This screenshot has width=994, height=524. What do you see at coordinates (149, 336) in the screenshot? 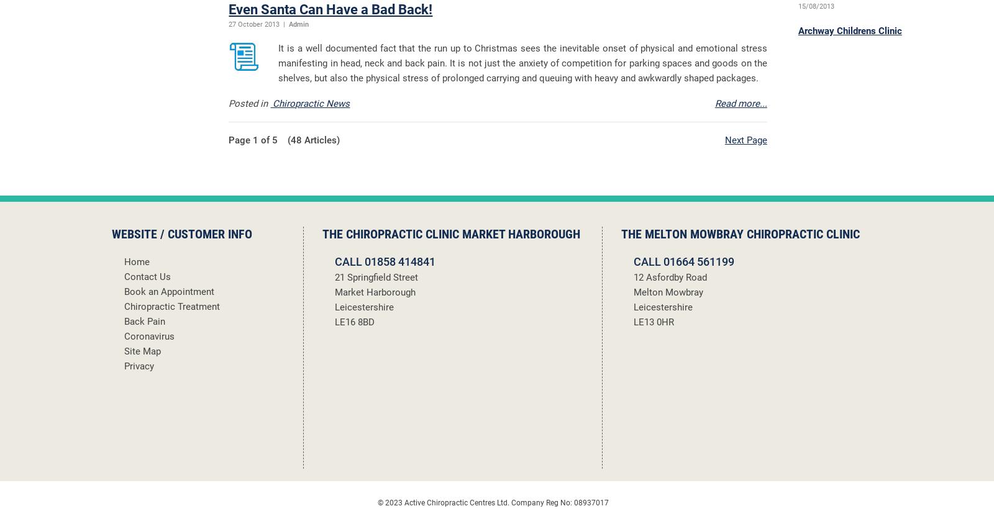
I see `'Coronavirus'` at bounding box center [149, 336].